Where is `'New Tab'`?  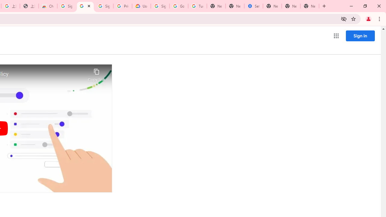 'New Tab' is located at coordinates (310, 6).